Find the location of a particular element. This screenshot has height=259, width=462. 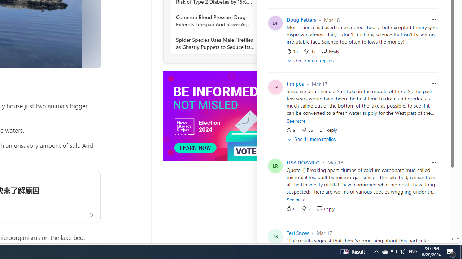

'Doug Fetters' is located at coordinates (301, 19).